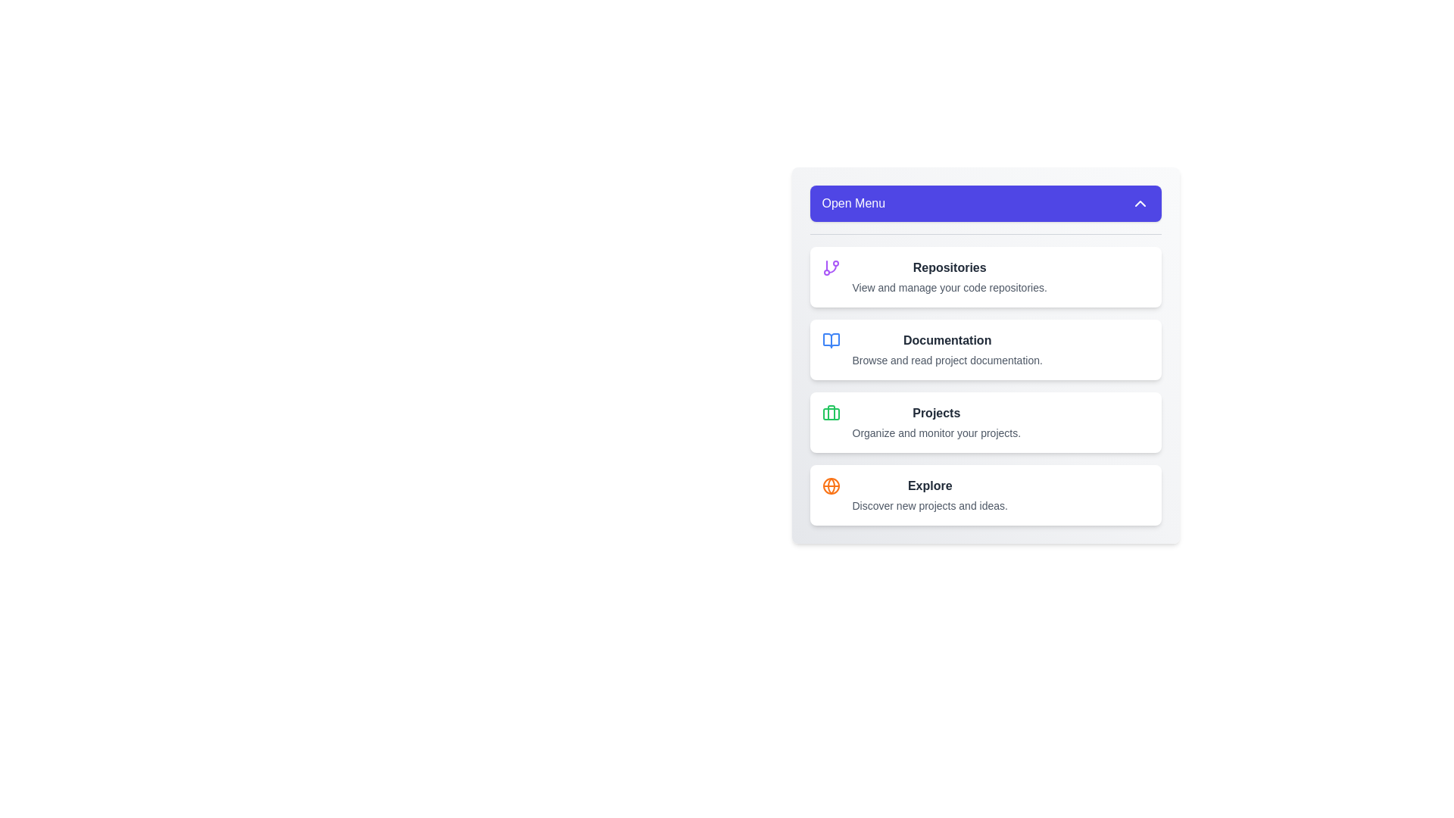 The image size is (1454, 818). What do you see at coordinates (830, 341) in the screenshot?
I see `the lower part of the 'open book' icon representing the 'Documentation' section for interaction if linked` at bounding box center [830, 341].